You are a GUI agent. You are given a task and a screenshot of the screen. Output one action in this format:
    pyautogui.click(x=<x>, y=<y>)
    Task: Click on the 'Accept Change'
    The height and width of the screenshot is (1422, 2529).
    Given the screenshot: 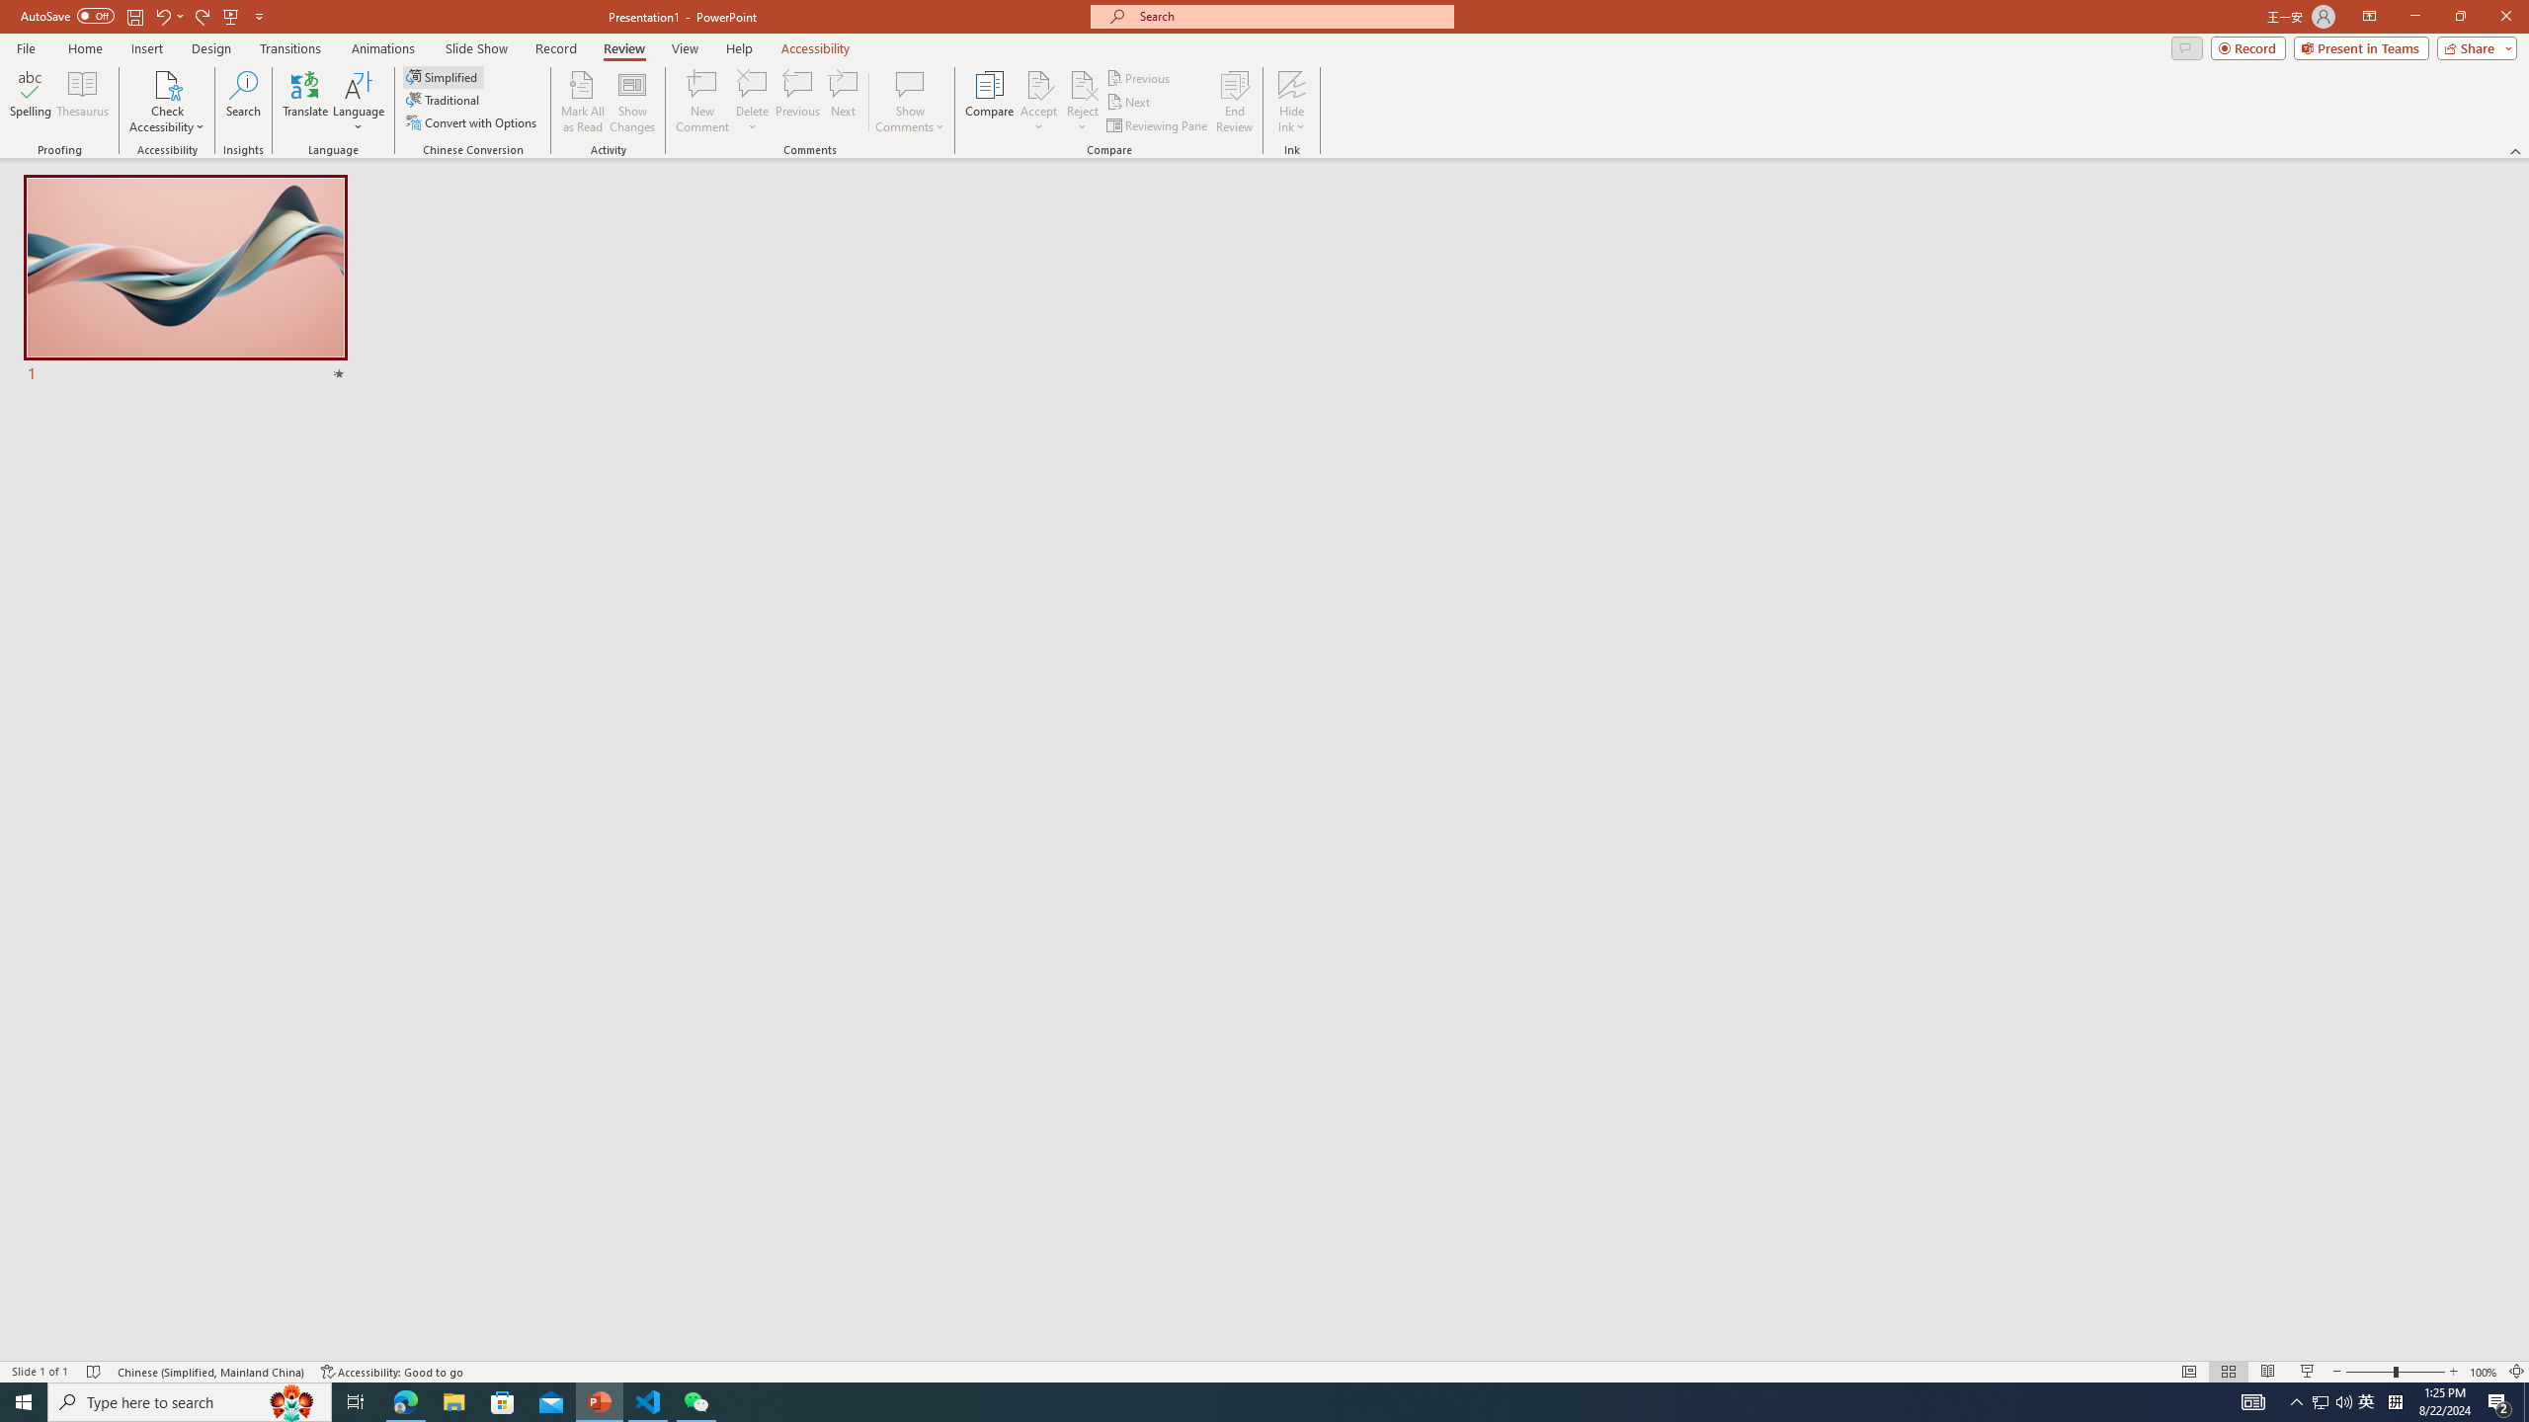 What is the action you would take?
    pyautogui.click(x=1038, y=83)
    